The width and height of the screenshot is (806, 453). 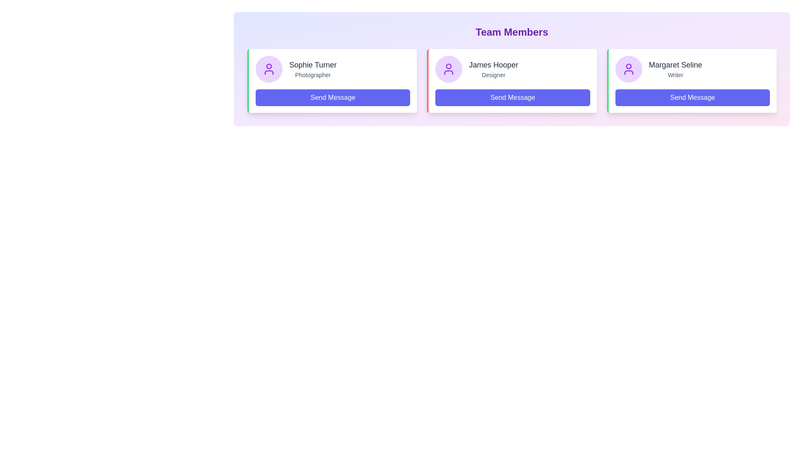 What do you see at coordinates (692, 97) in the screenshot?
I see `the 'Send Message' button located at the bottom of the card for 'Margaret Seline', directly below the text 'Writer', to send a message` at bounding box center [692, 97].